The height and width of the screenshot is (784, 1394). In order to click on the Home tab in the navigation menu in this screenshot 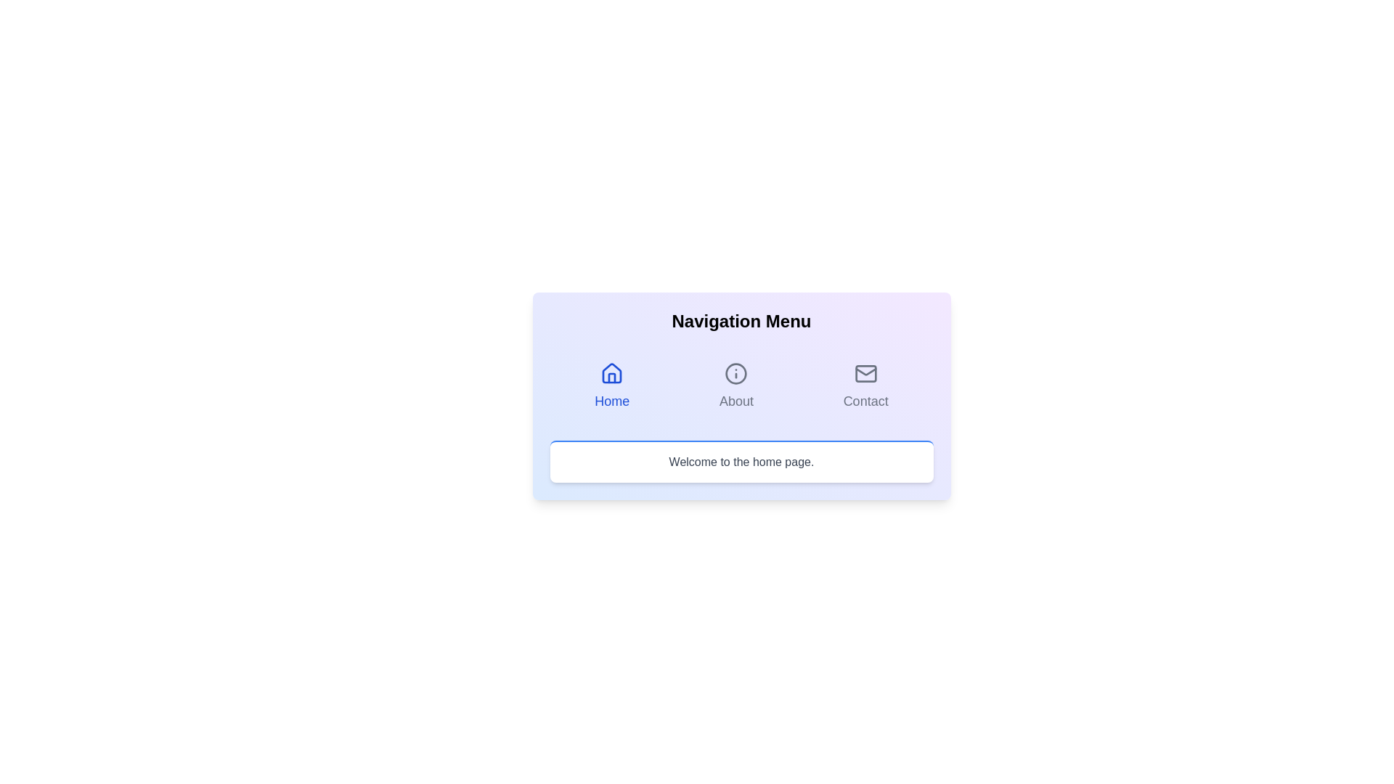, I will do `click(612, 385)`.